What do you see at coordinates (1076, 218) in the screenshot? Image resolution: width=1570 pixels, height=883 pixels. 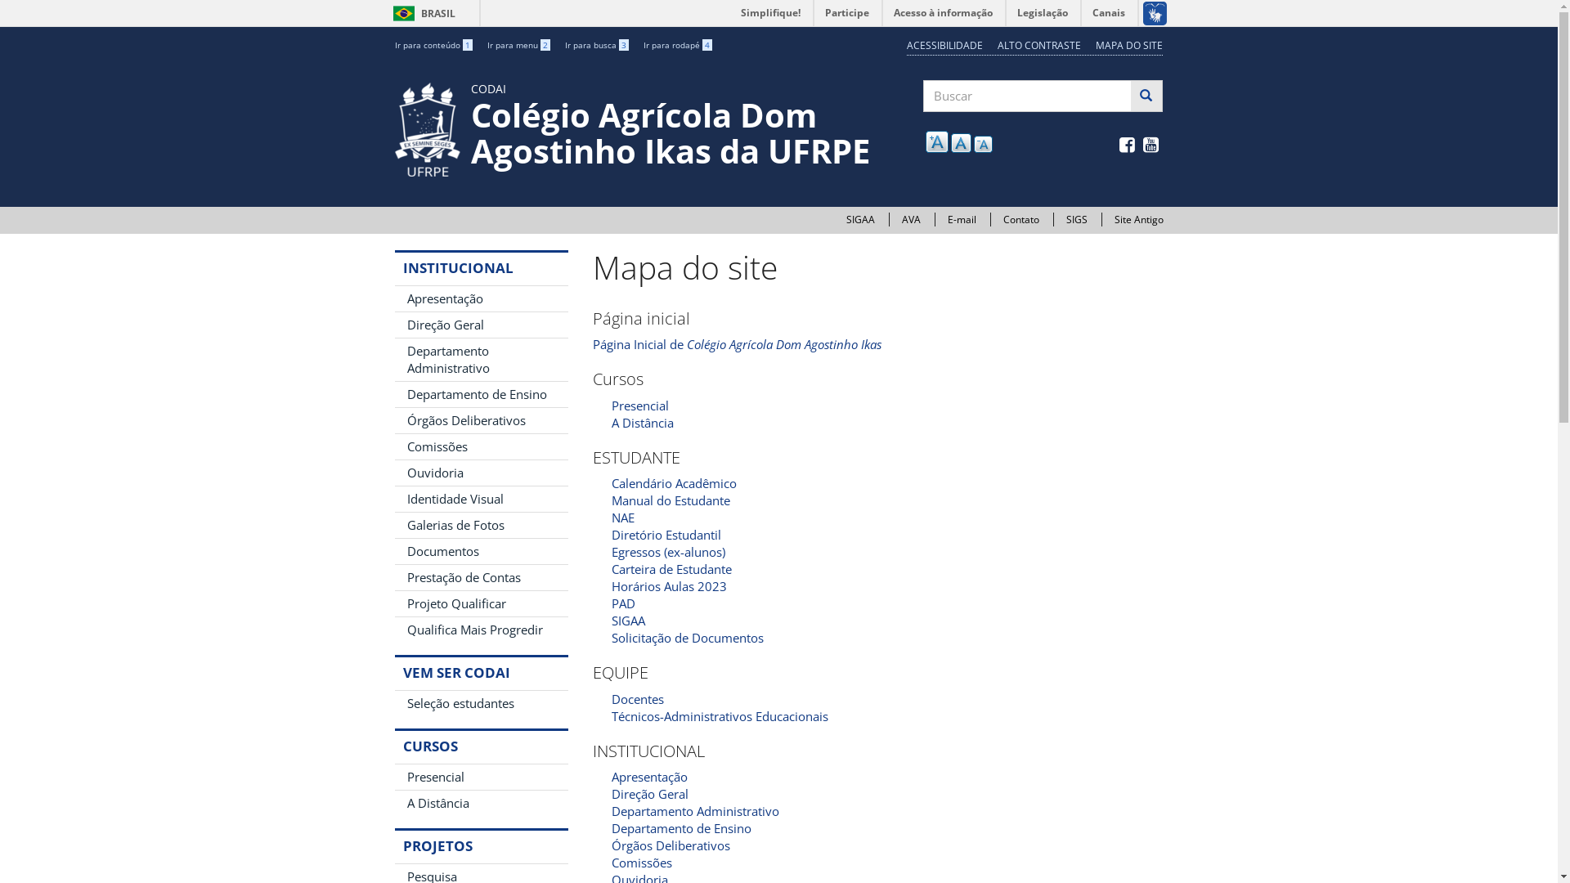 I see `'SIGS'` at bounding box center [1076, 218].